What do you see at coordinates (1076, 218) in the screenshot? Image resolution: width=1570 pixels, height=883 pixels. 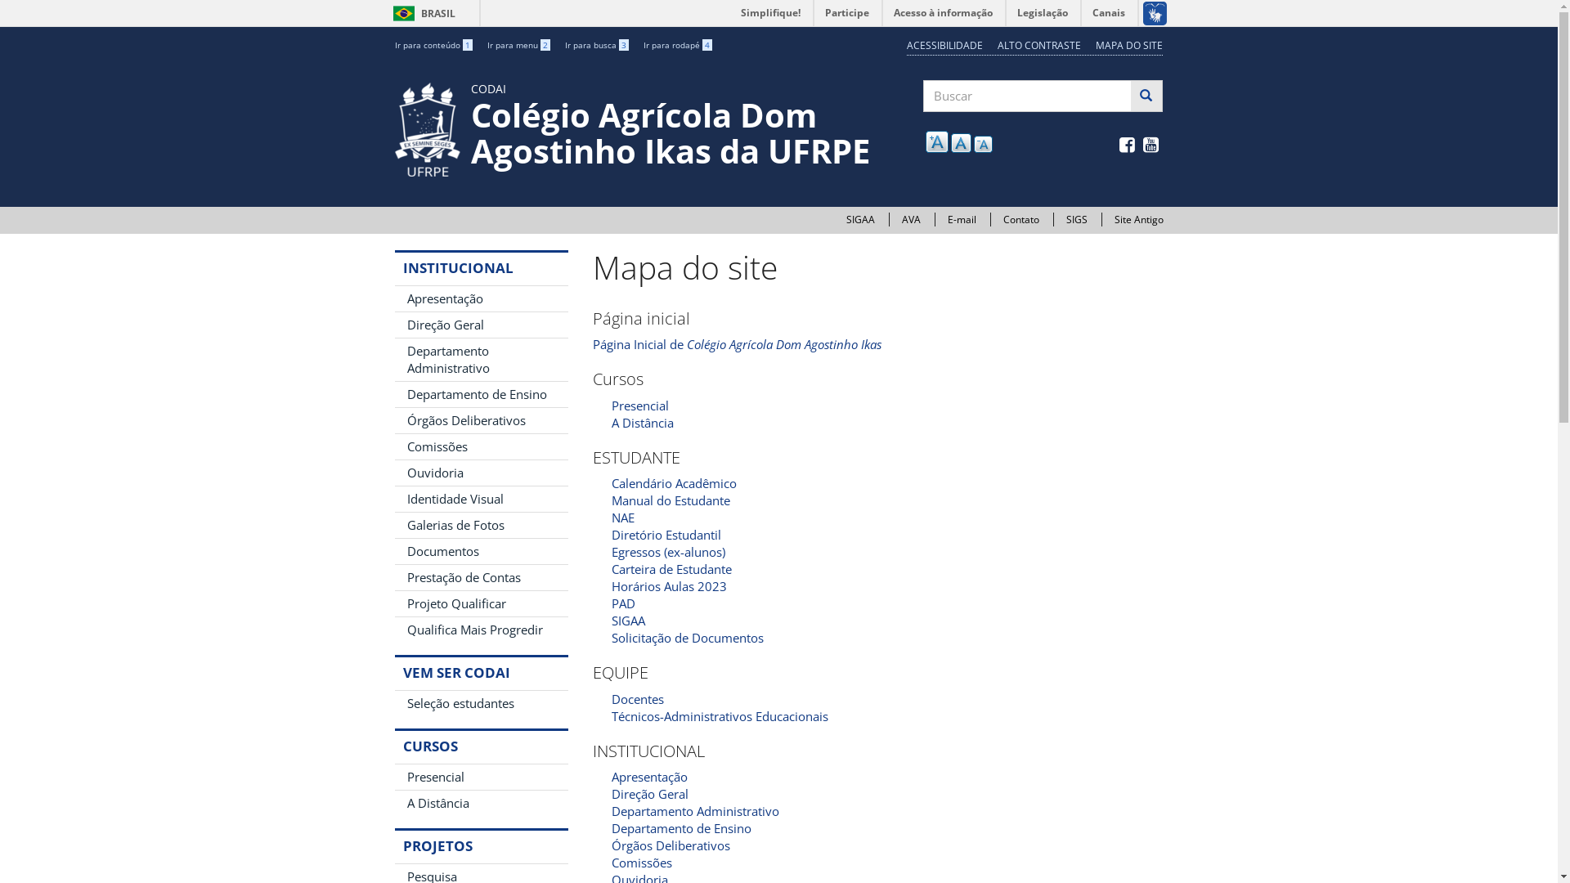 I see `'SIGS'` at bounding box center [1076, 218].